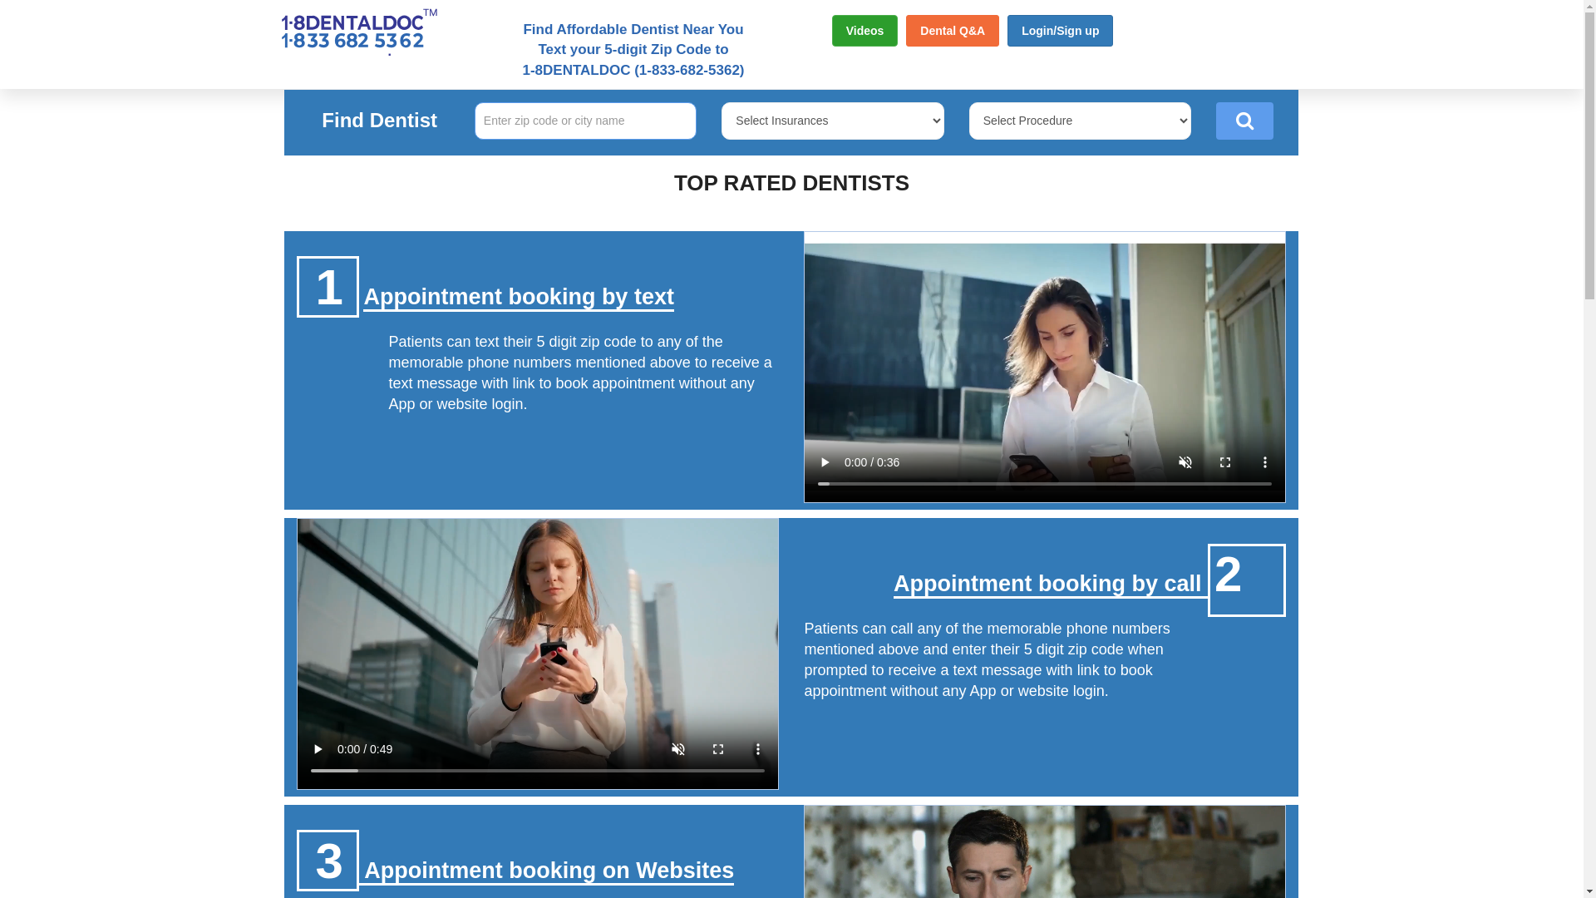  I want to click on 'Dental Q&A', so click(953, 31).